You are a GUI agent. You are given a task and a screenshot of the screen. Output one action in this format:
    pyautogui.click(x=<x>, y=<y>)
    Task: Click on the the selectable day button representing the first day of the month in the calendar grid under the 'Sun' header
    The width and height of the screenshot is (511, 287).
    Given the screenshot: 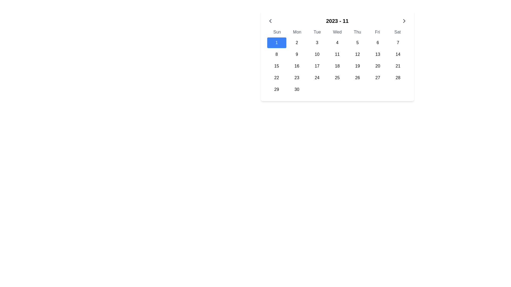 What is the action you would take?
    pyautogui.click(x=277, y=43)
    